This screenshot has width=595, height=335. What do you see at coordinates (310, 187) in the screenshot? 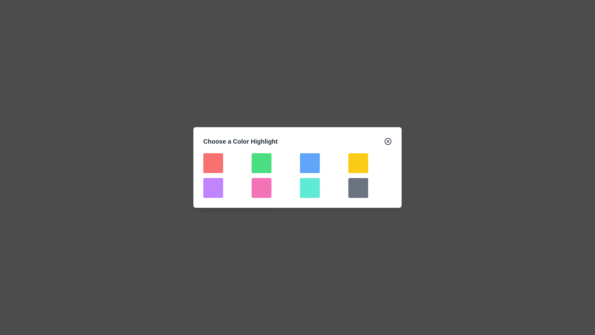
I see `the color block corresponding to teal` at bounding box center [310, 187].